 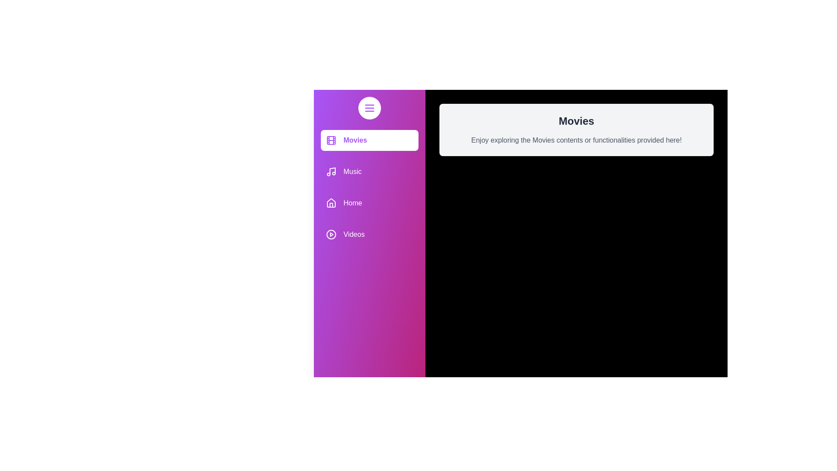 What do you see at coordinates (370, 140) in the screenshot?
I see `the media category Movies from the list` at bounding box center [370, 140].